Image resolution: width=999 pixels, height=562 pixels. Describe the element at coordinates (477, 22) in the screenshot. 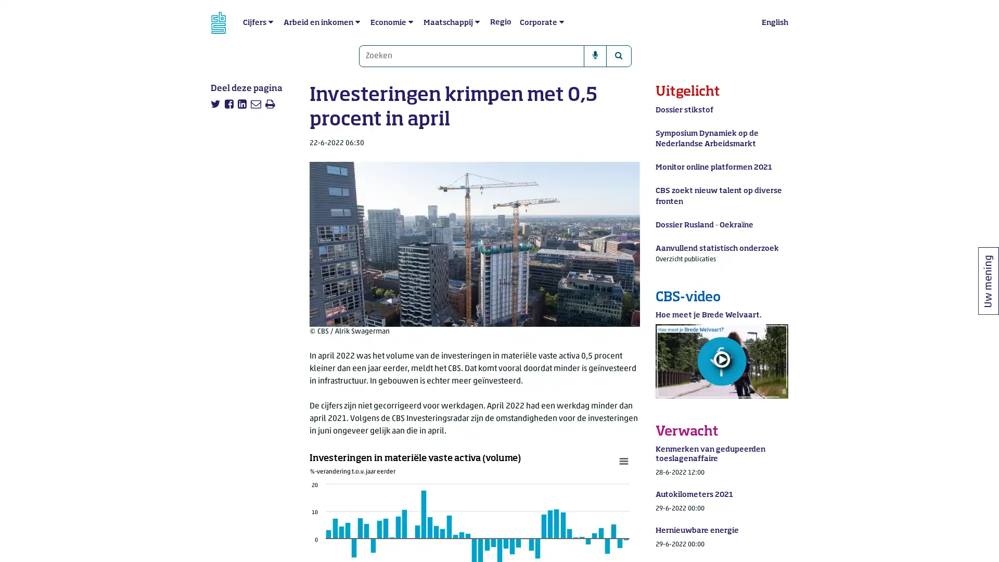

I see `submenu Maatschappij` at that location.